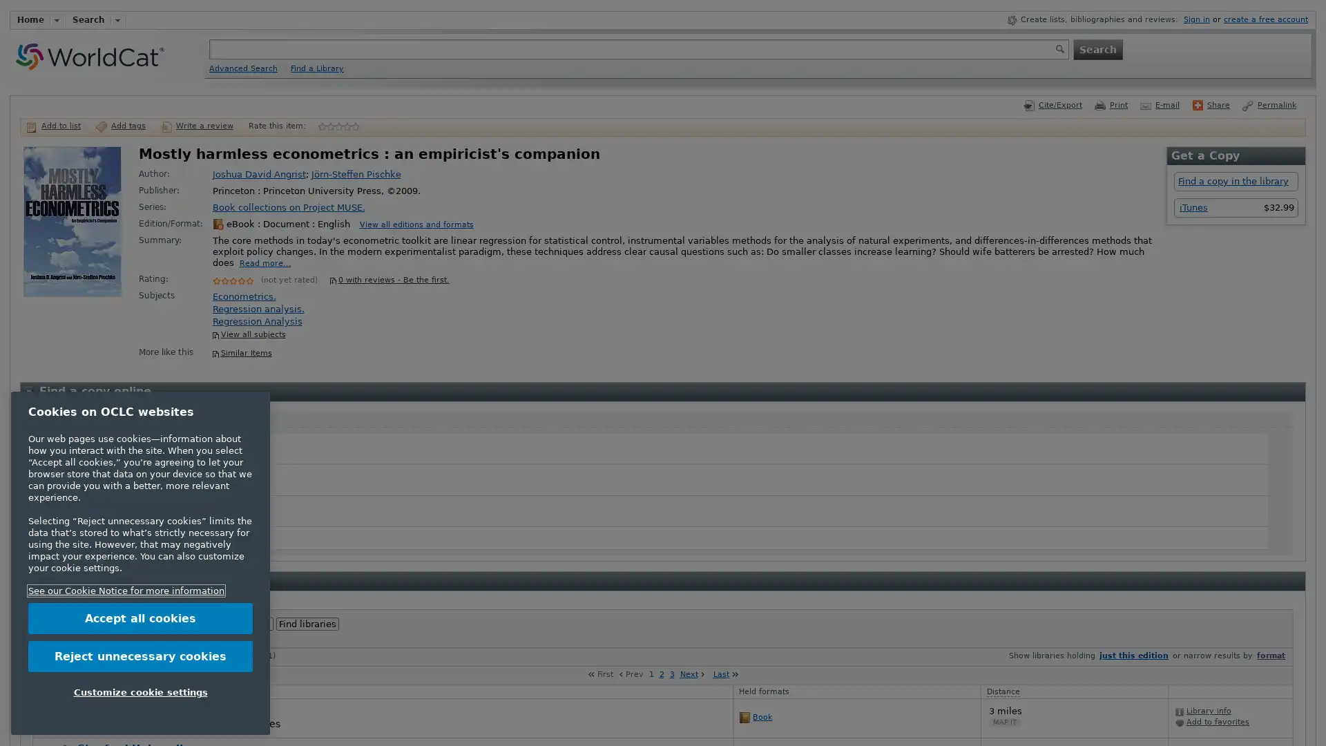  Describe the element at coordinates (140, 692) in the screenshot. I see `Customize cookie settings` at that location.